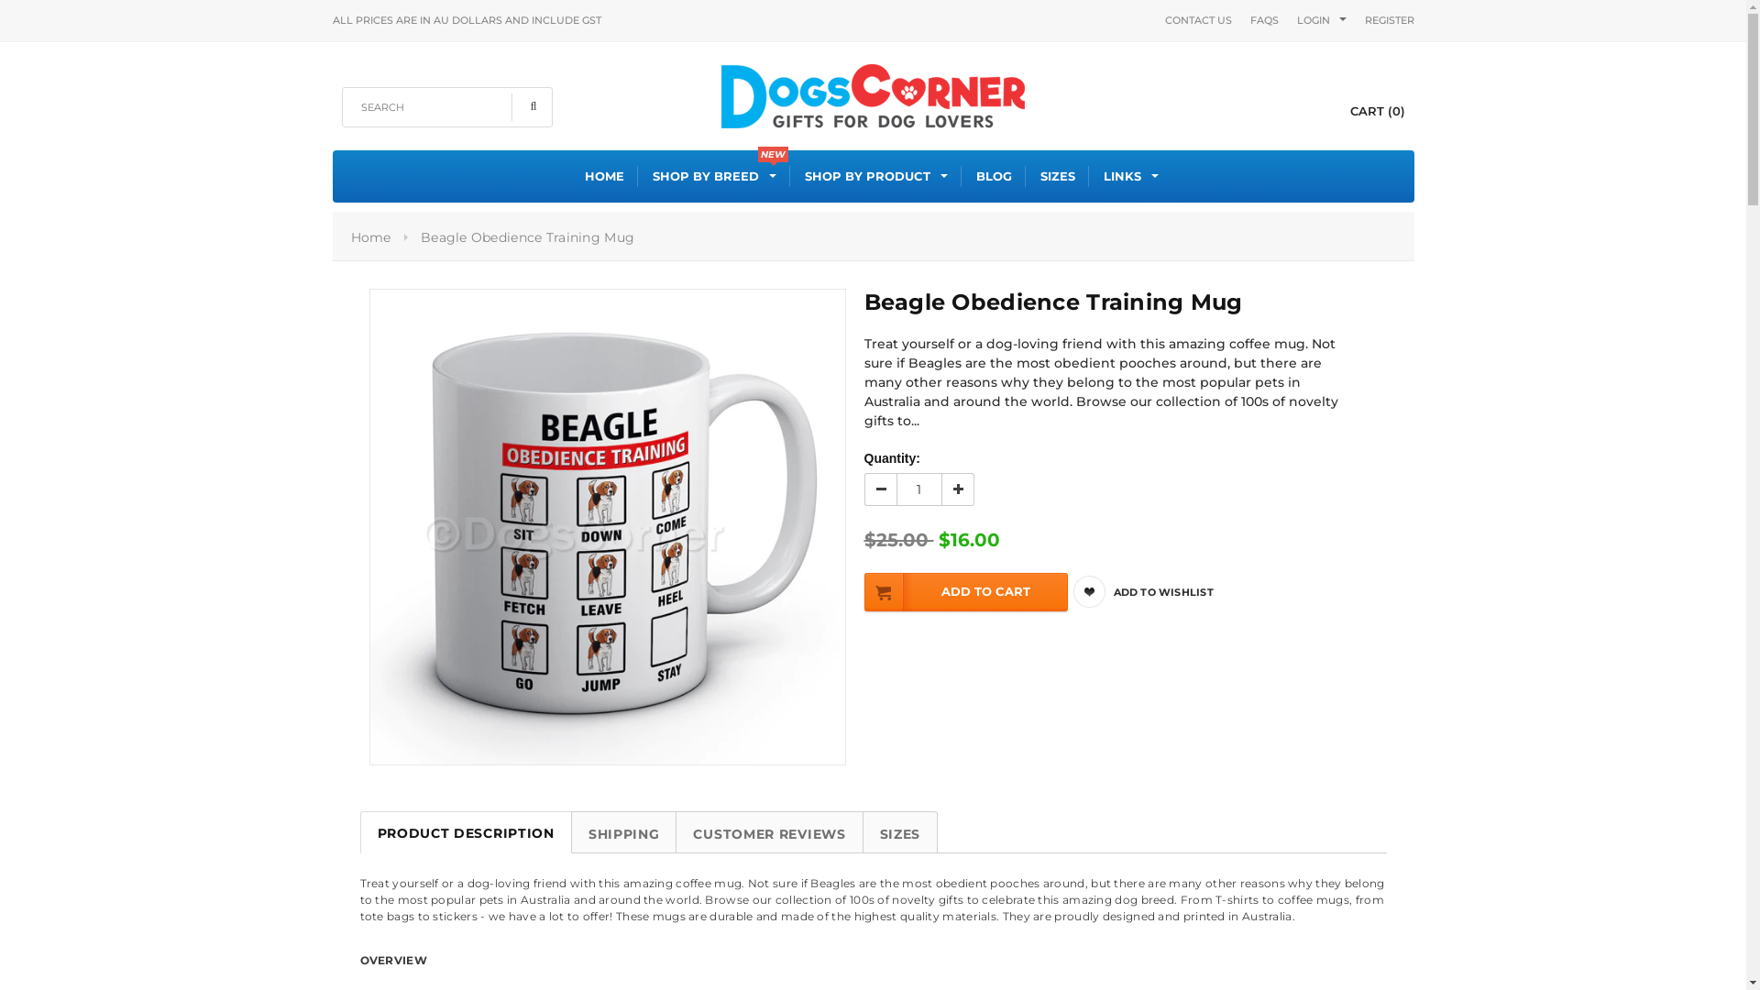  I want to click on 'SIZES', so click(1039, 176).